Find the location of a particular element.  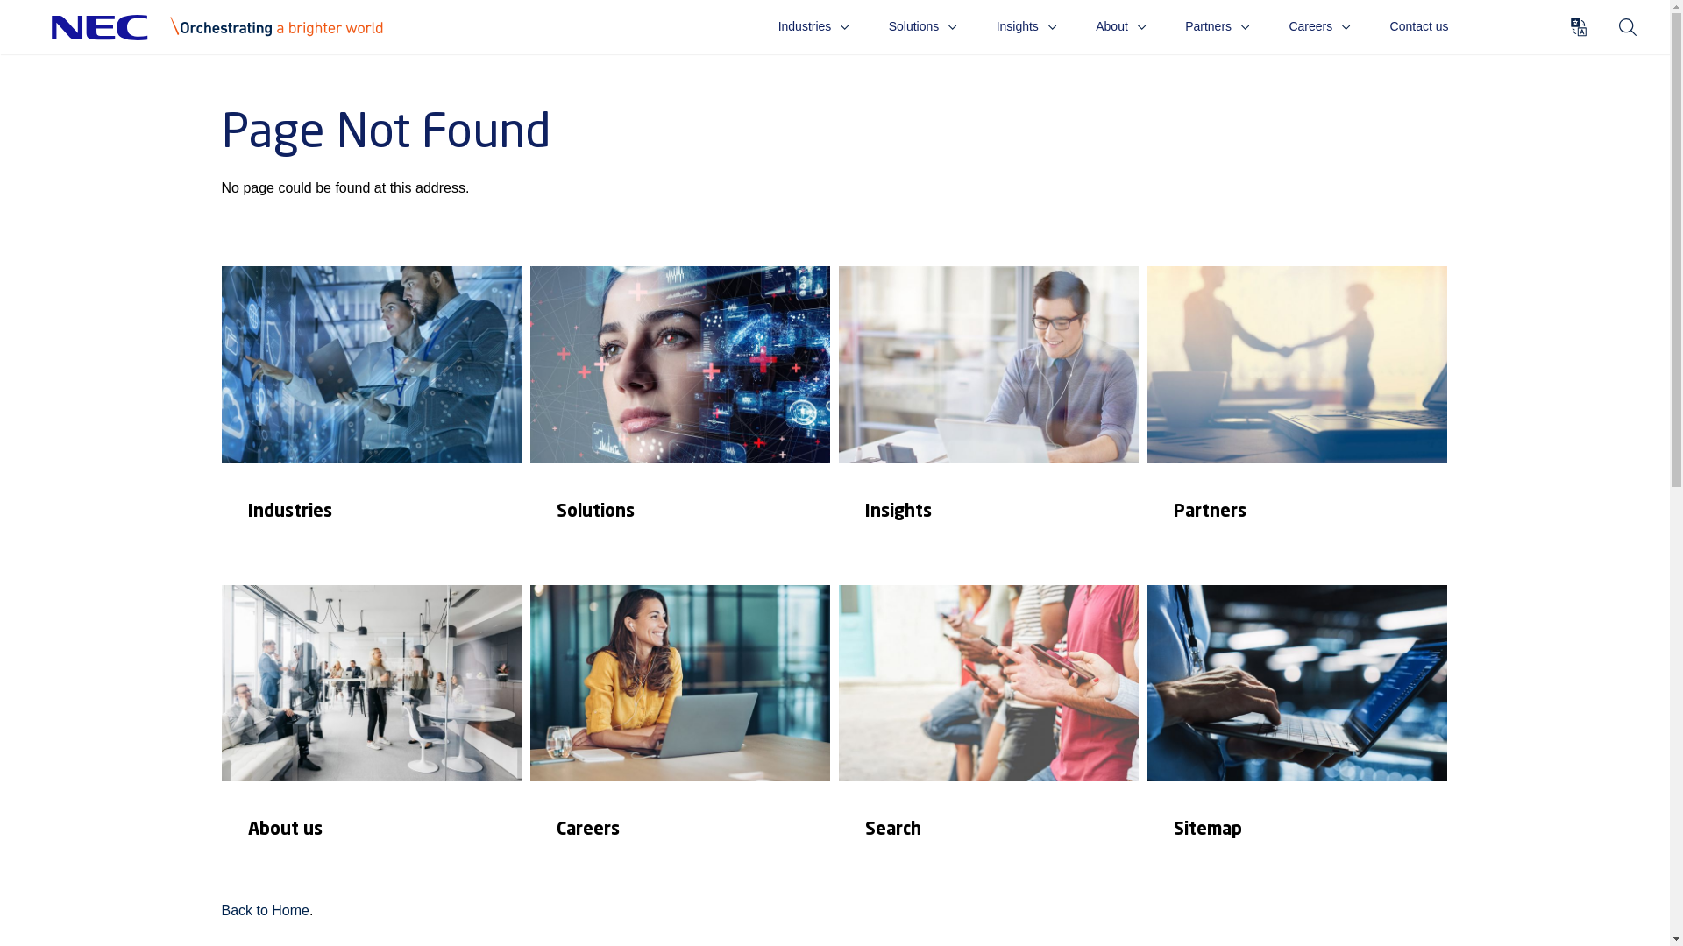

'Contact us' is located at coordinates (1419, 26).